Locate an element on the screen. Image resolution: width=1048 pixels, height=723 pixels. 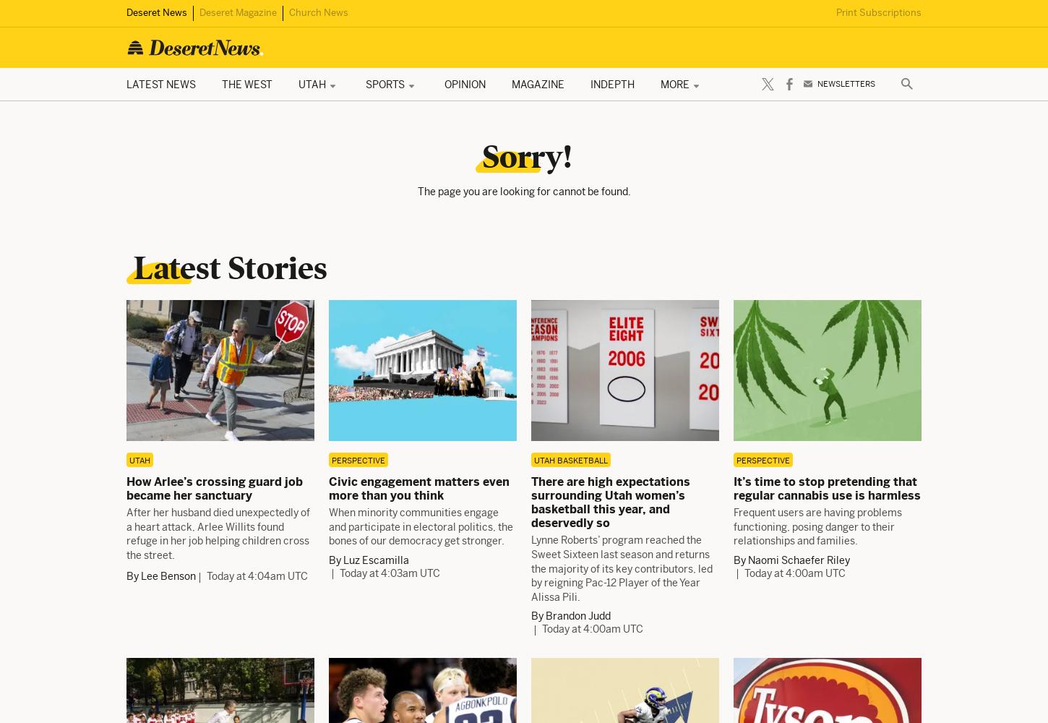
'INDEPTH' is located at coordinates (611, 83).